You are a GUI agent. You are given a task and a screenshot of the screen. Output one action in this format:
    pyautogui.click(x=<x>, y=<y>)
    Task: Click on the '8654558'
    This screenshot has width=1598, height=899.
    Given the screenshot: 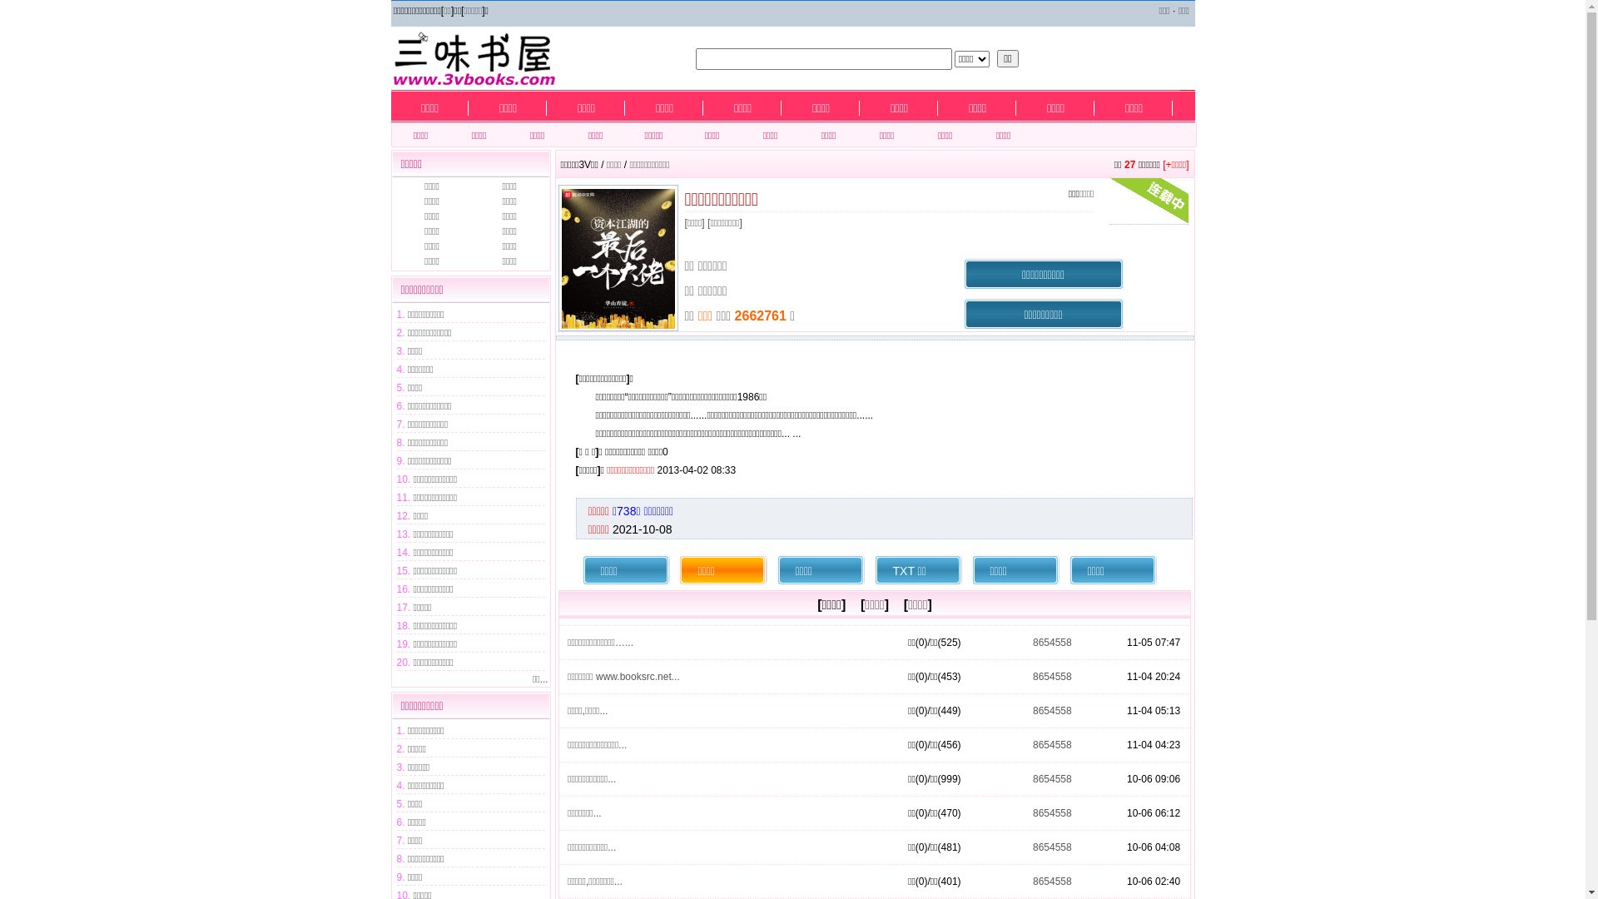 What is the action you would take?
    pyautogui.click(x=1032, y=710)
    